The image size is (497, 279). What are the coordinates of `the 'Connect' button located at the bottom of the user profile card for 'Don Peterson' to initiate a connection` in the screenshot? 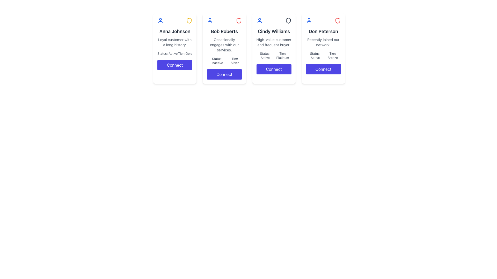 It's located at (323, 69).